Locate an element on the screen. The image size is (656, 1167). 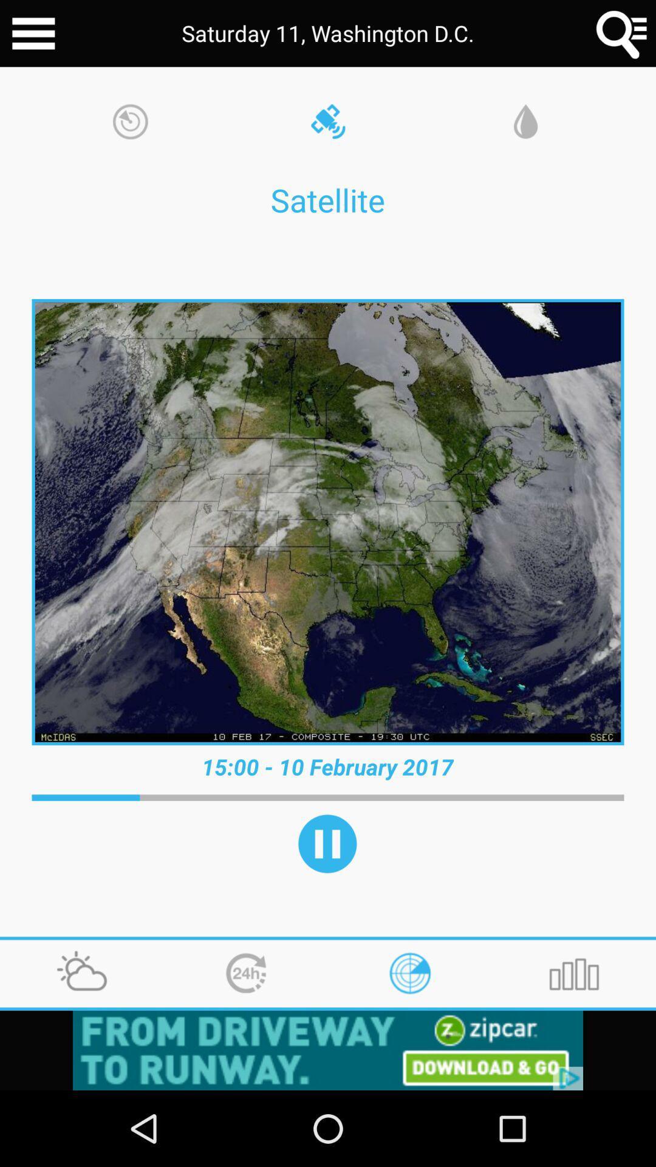
all is located at coordinates (33, 33).